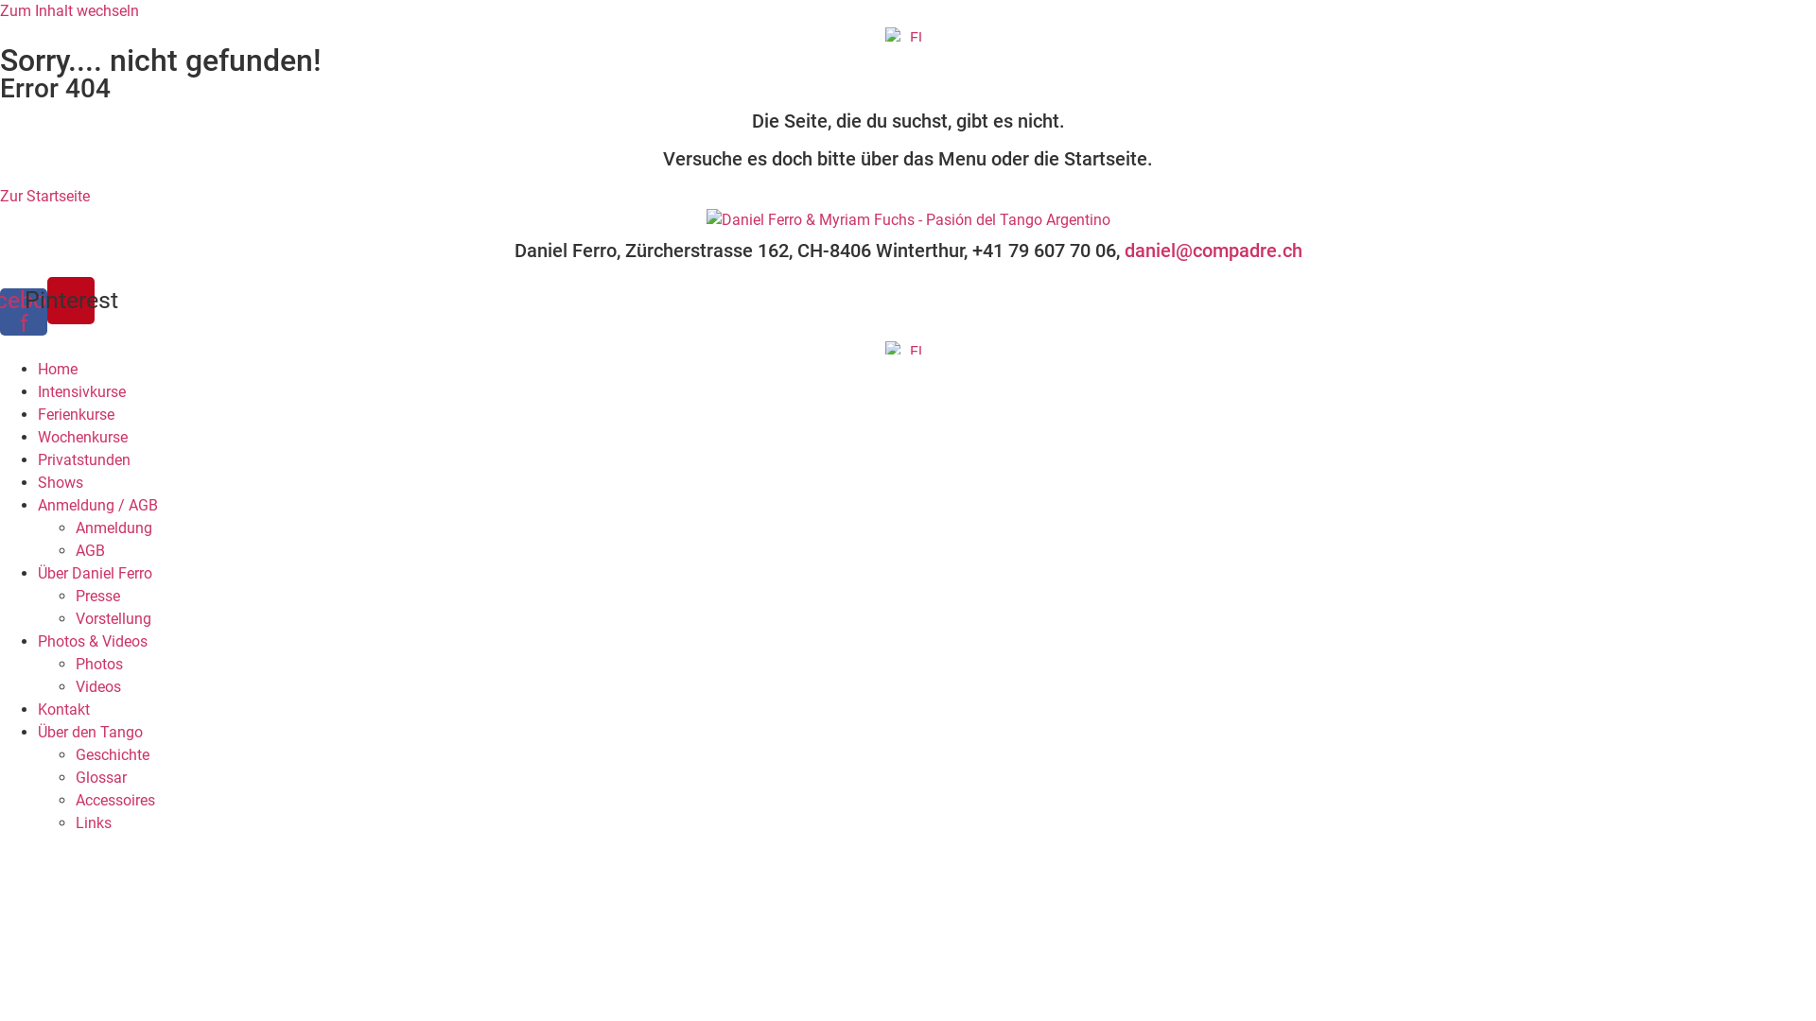  What do you see at coordinates (81, 437) in the screenshot?
I see `'Wochenkurse'` at bounding box center [81, 437].